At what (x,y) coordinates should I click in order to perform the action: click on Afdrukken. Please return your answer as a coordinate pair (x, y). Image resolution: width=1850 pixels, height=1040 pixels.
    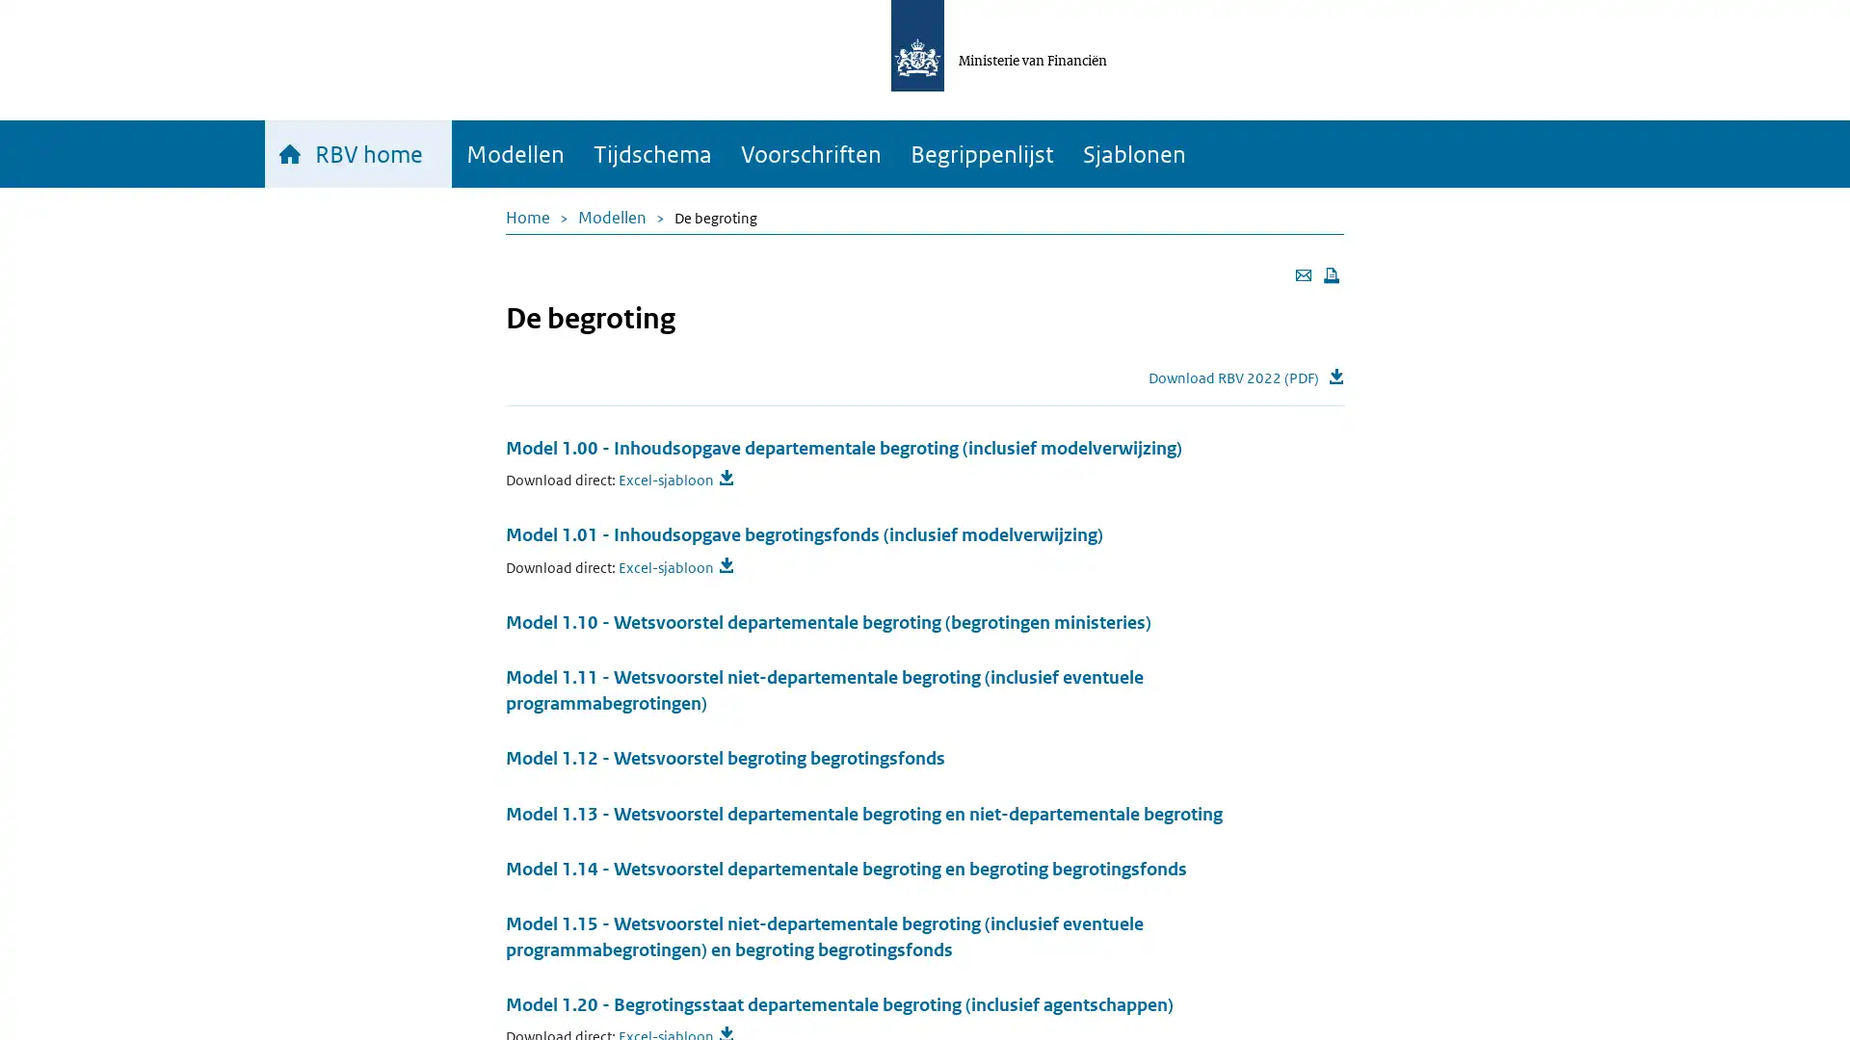
    Looking at the image, I should click on (1331, 274).